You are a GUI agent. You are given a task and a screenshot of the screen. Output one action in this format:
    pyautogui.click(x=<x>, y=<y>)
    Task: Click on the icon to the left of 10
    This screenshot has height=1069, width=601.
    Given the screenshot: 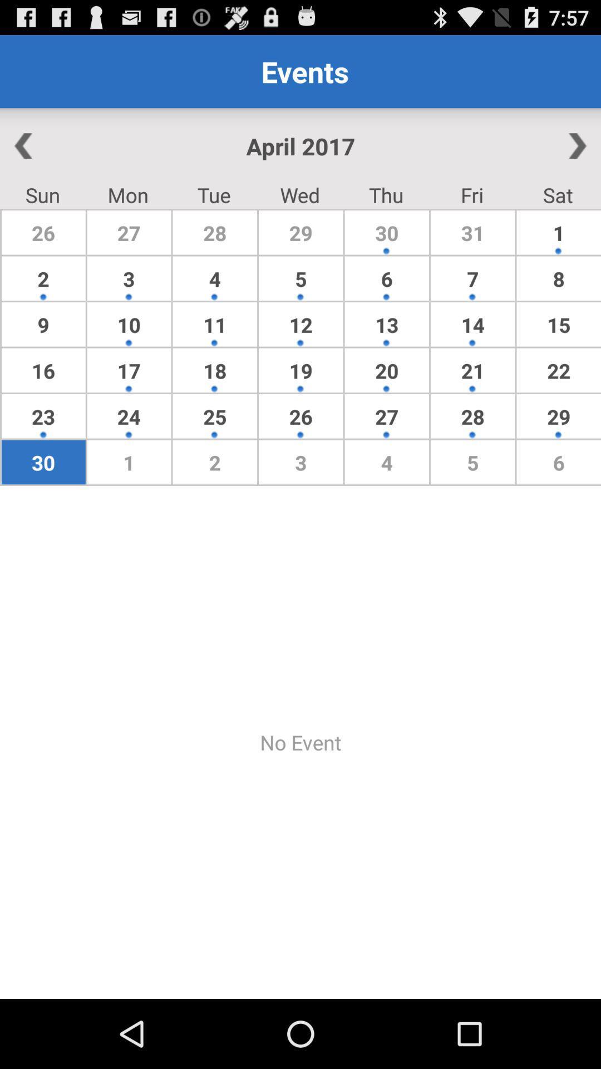 What is the action you would take?
    pyautogui.click(x=43, y=370)
    